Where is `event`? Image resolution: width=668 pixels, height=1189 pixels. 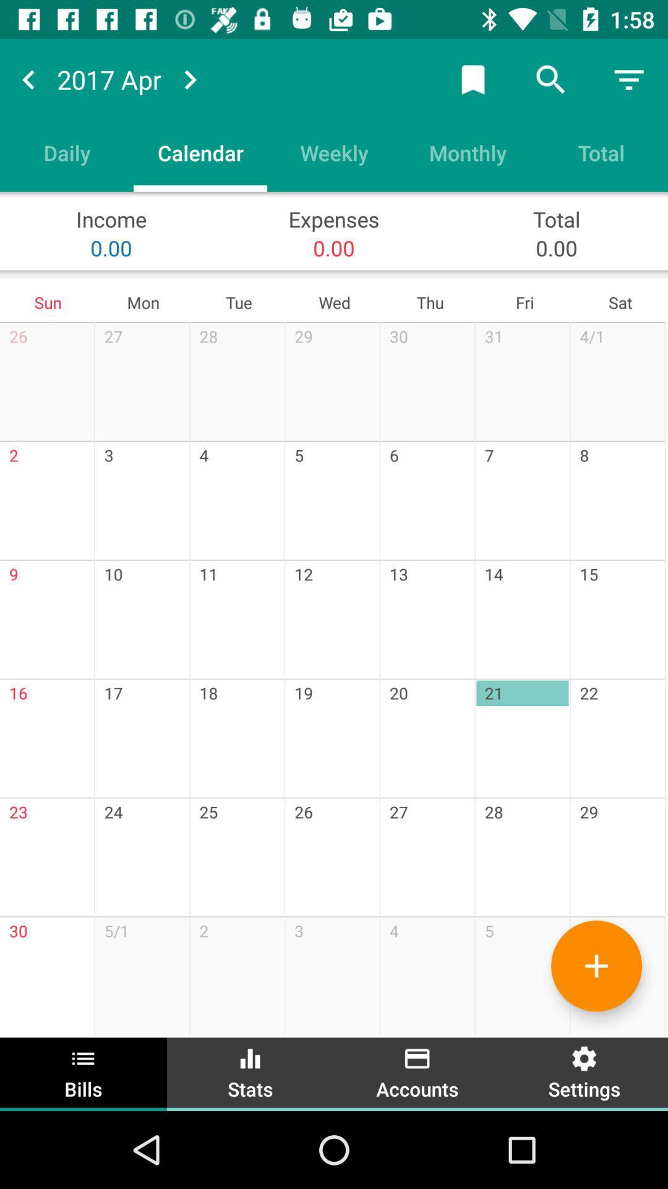
event is located at coordinates (596, 965).